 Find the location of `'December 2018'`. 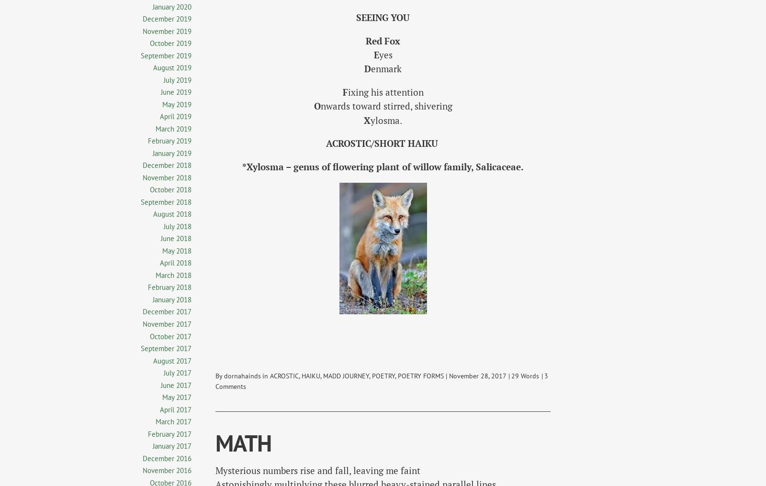

'December 2018' is located at coordinates (142, 165).